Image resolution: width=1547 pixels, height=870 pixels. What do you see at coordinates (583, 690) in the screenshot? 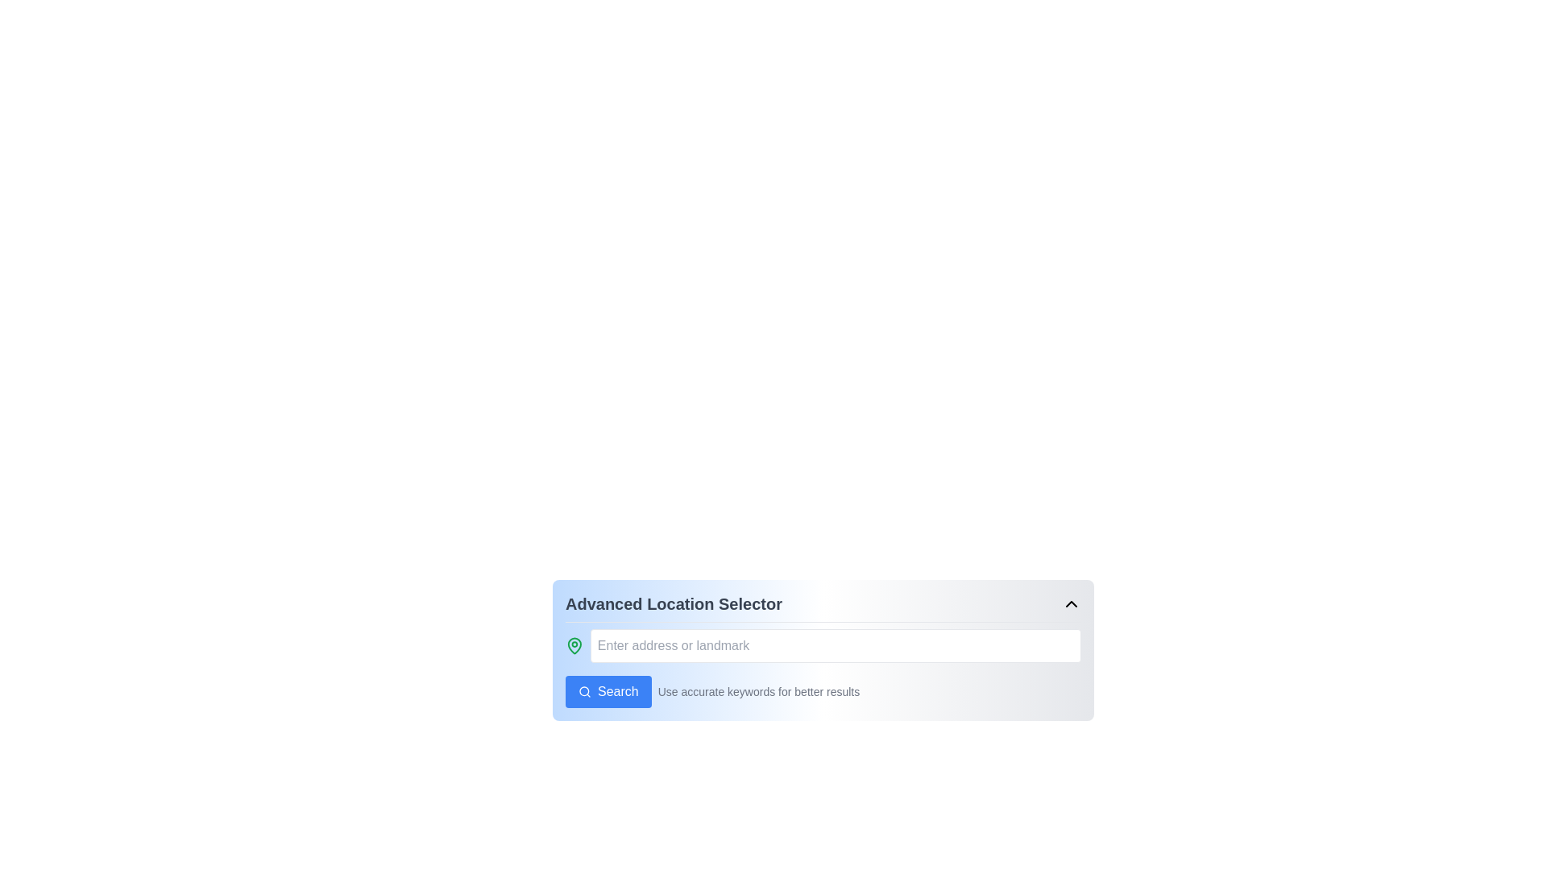
I see `the decorative circular lens of the magnifying glass icon within the blue 'Search' button, which is located on the left side of the interface` at bounding box center [583, 690].